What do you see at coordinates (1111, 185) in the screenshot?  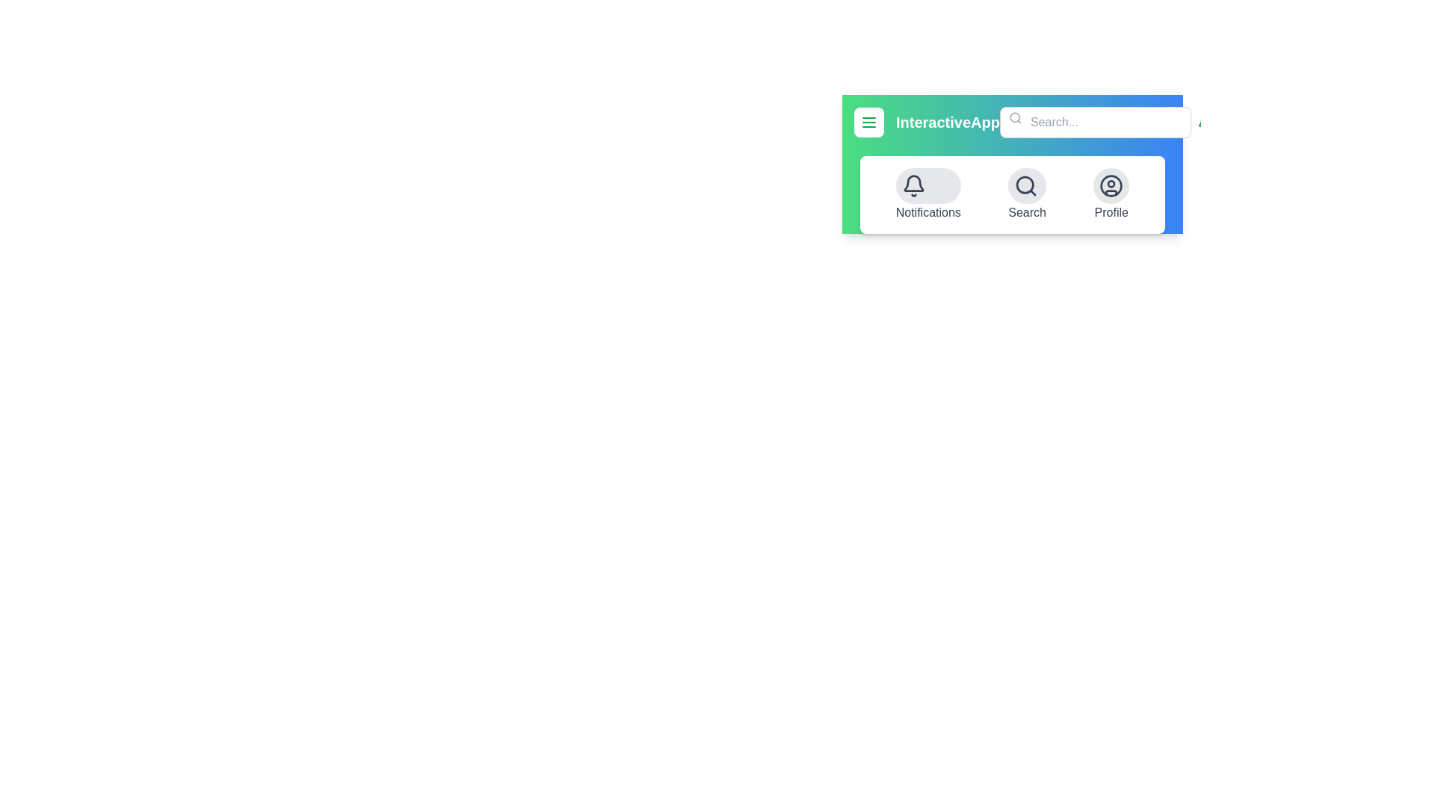 I see `the Profile button` at bounding box center [1111, 185].